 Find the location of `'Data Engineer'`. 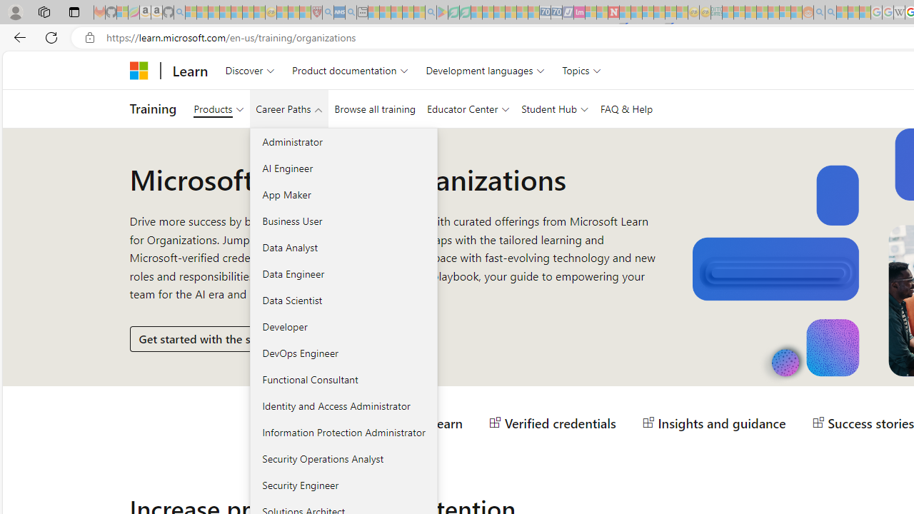

'Data Engineer' is located at coordinates (343, 273).